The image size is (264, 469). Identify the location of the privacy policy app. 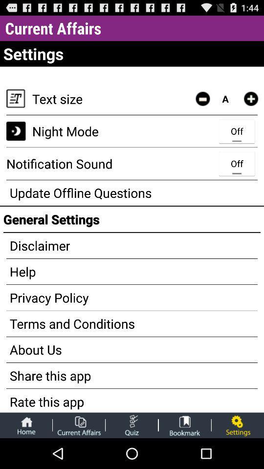
(132, 297).